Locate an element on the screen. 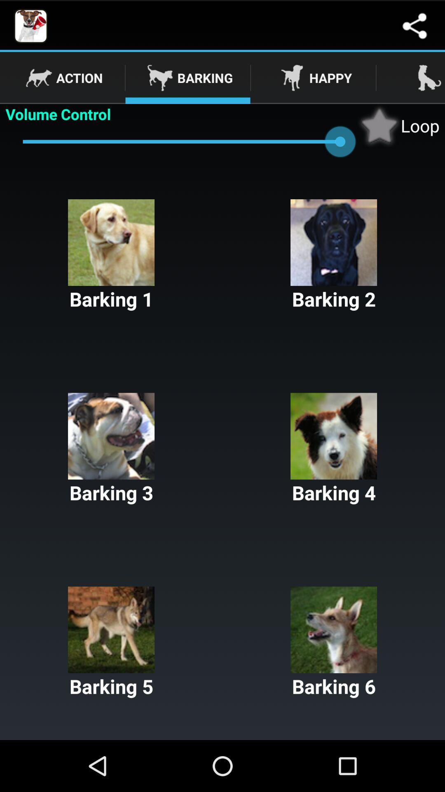  icon below barking 1 button is located at coordinates (334, 449).